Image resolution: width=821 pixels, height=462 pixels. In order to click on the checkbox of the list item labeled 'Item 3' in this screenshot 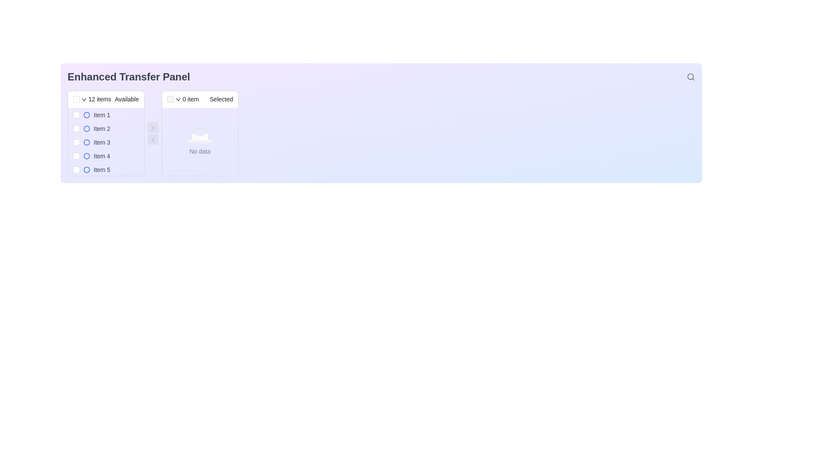, I will do `click(106, 142)`.